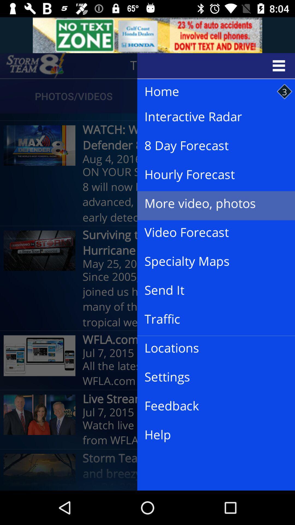  What do you see at coordinates (147, 35) in the screenshot?
I see `advertisement bar` at bounding box center [147, 35].